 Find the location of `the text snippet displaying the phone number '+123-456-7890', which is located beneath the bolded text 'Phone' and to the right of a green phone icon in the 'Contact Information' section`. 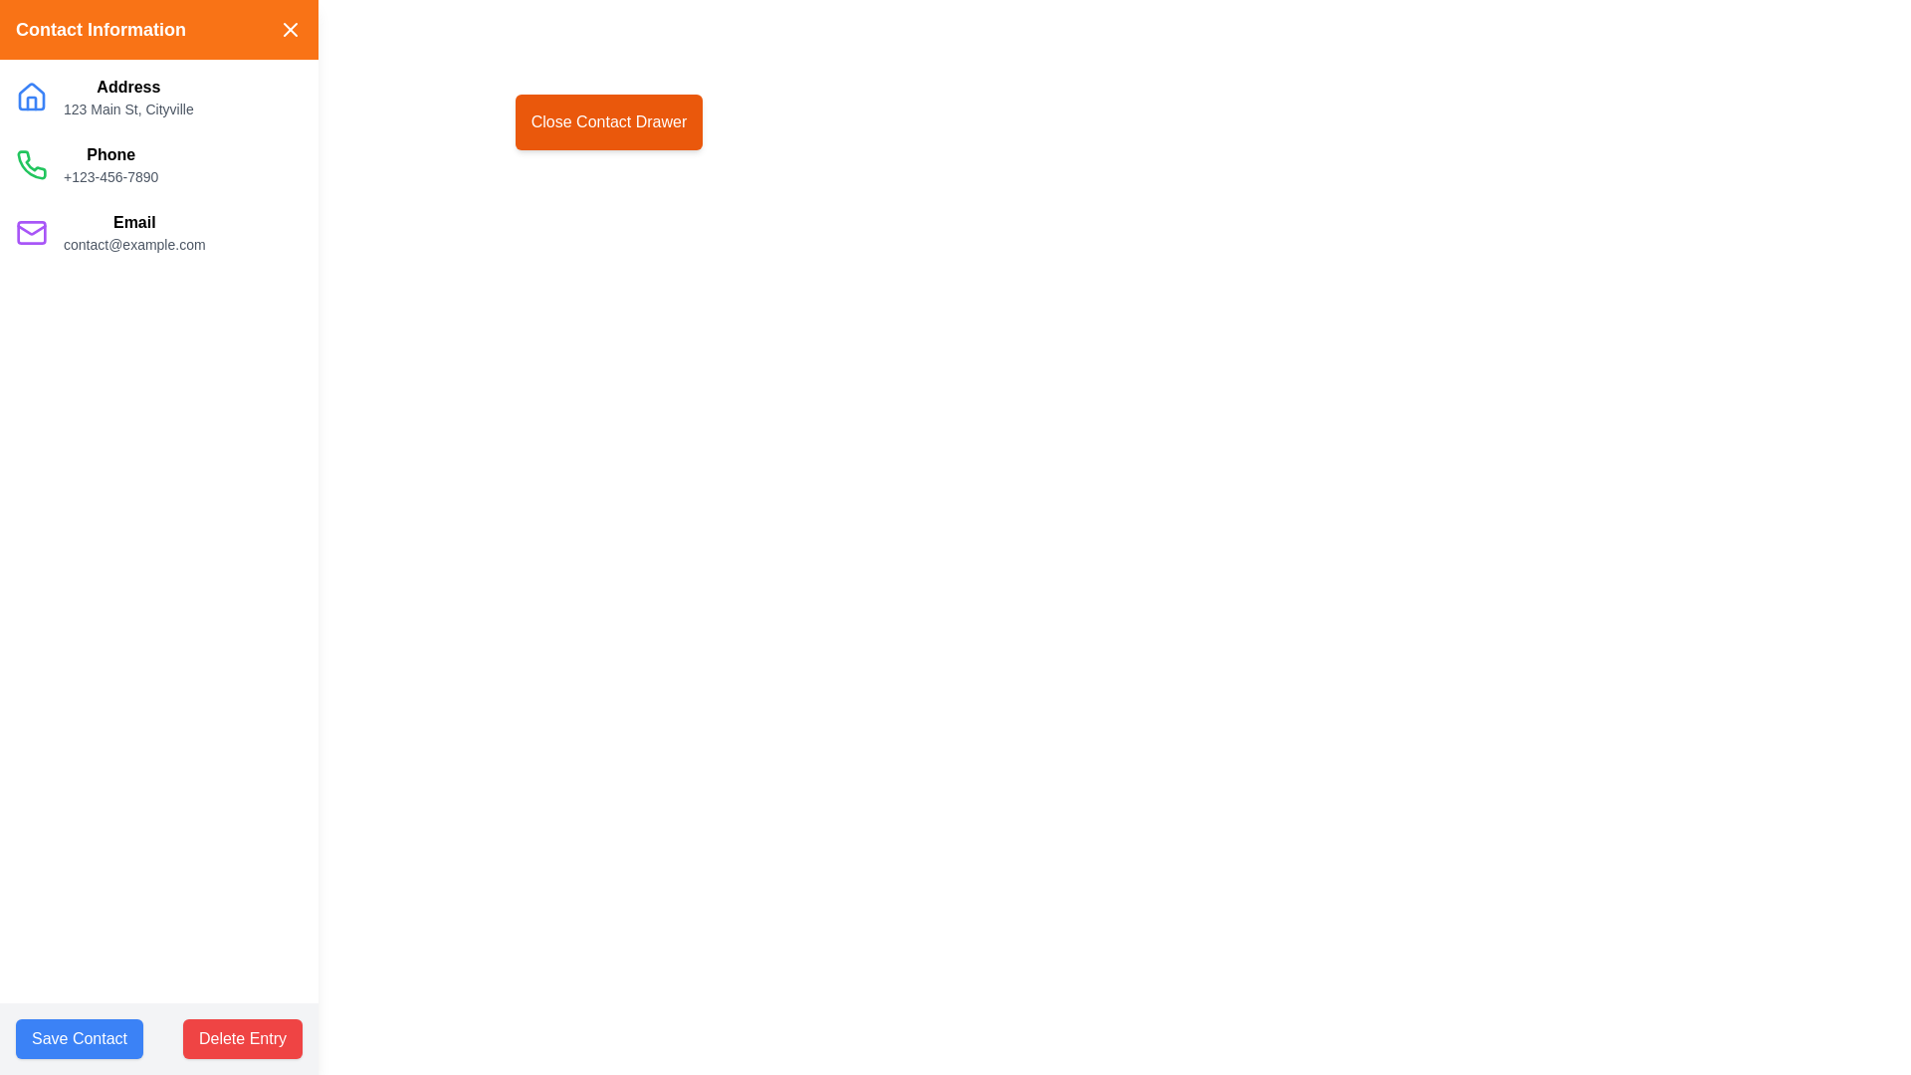

the text snippet displaying the phone number '+123-456-7890', which is located beneath the bolded text 'Phone' and to the right of a green phone icon in the 'Contact Information' section is located at coordinates (109, 175).